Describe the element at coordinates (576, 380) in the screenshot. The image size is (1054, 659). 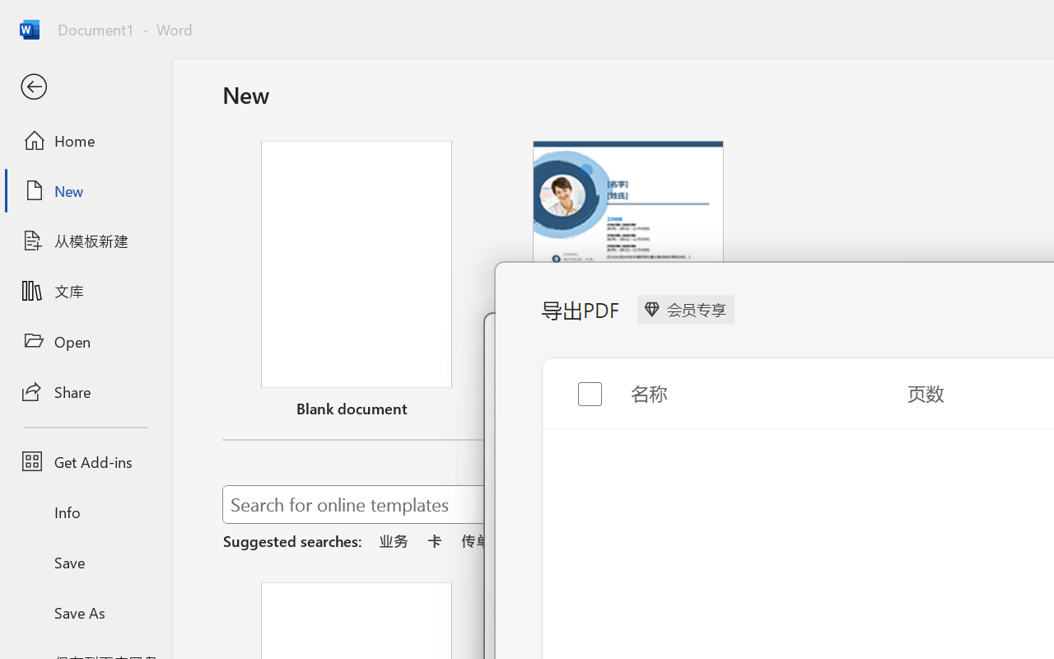
I see `'Toggle selection for all items'` at that location.